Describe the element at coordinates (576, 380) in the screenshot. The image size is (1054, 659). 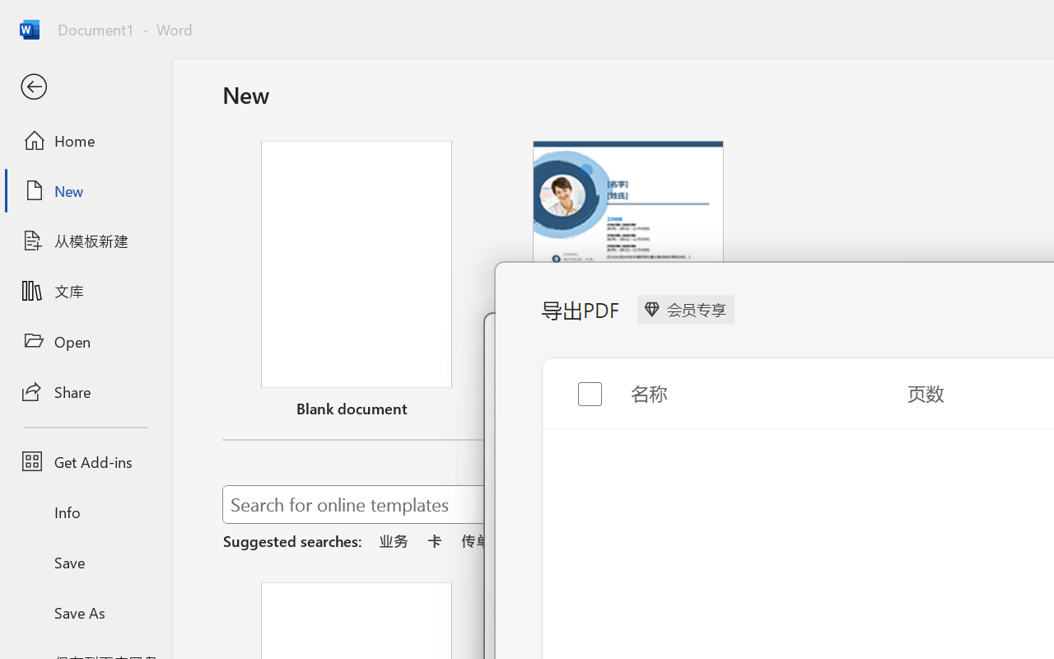
I see `'Toggle selection for all items'` at that location.